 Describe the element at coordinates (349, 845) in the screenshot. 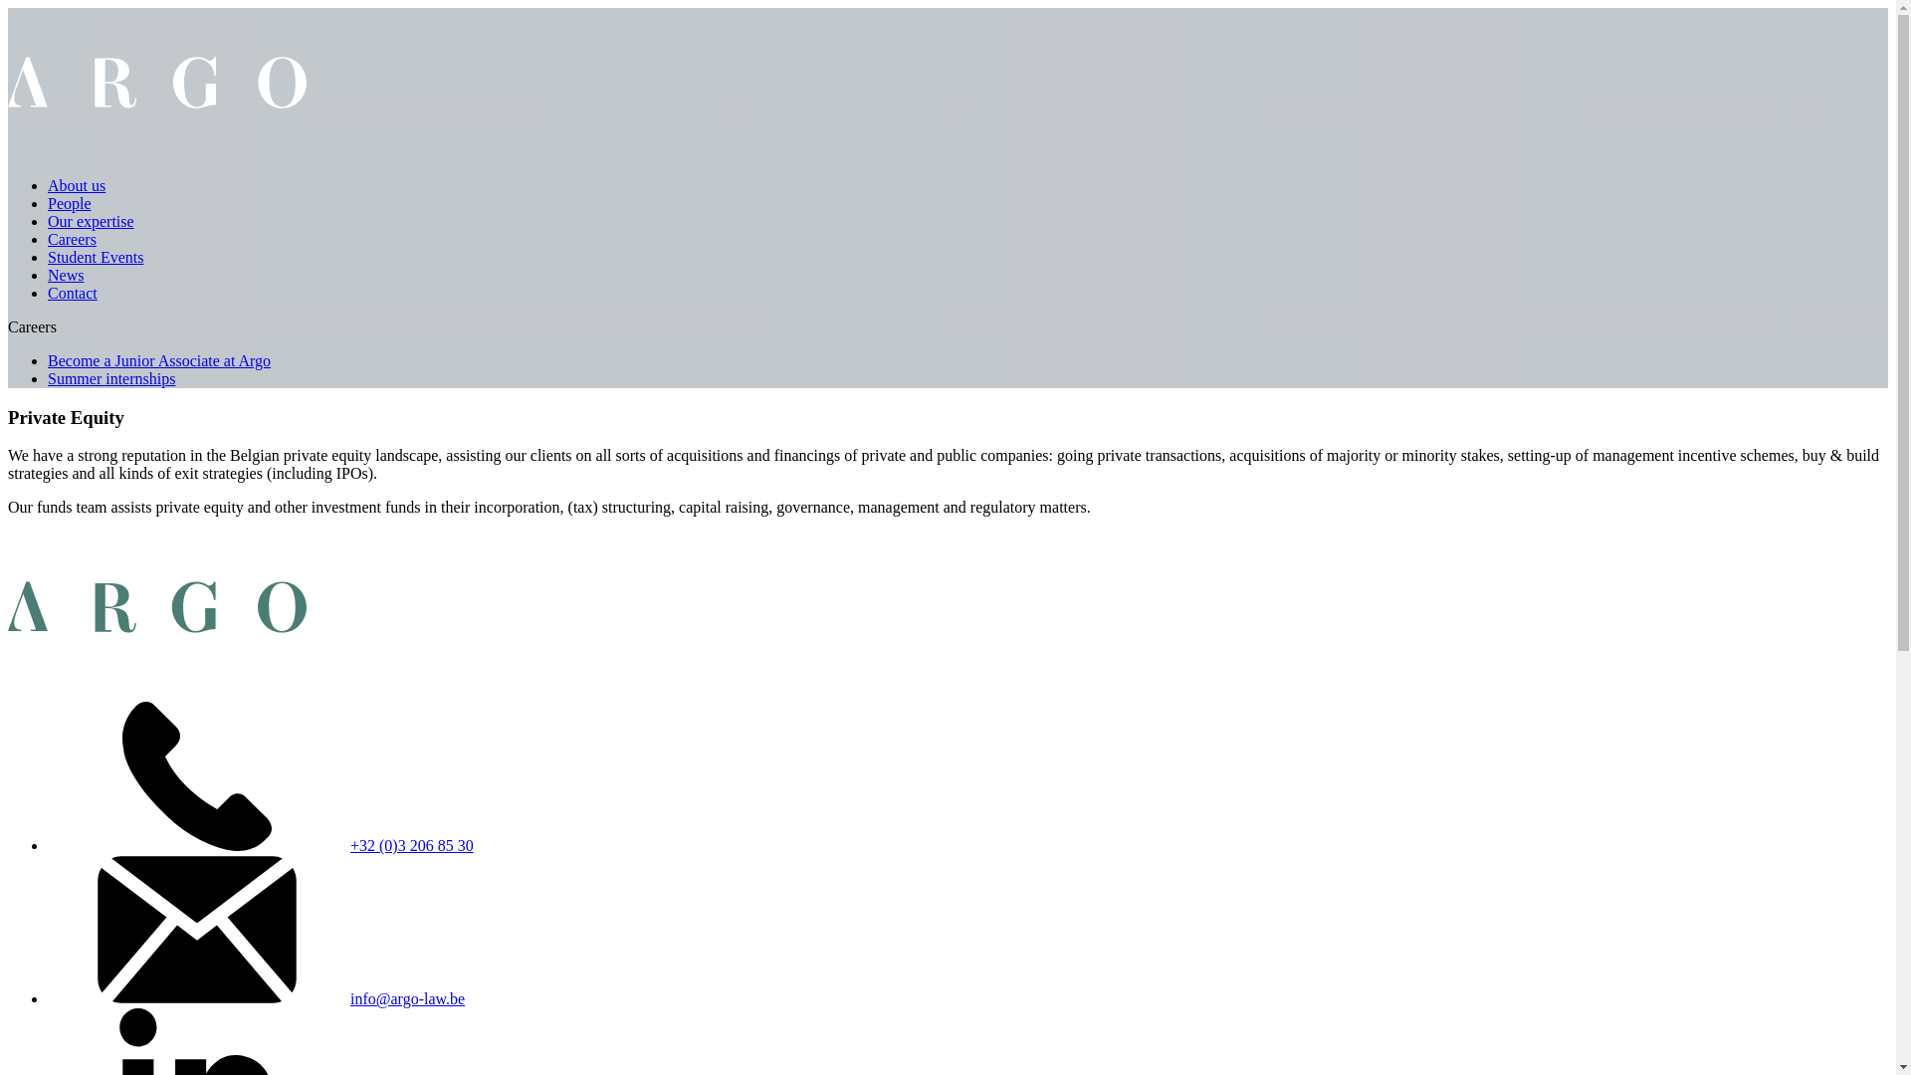

I see `'+32 (0)3 206 85 30'` at that location.